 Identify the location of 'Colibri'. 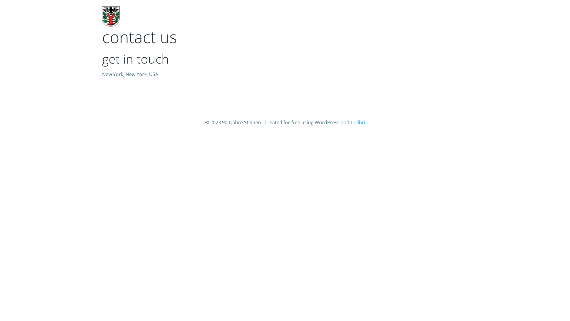
(350, 122).